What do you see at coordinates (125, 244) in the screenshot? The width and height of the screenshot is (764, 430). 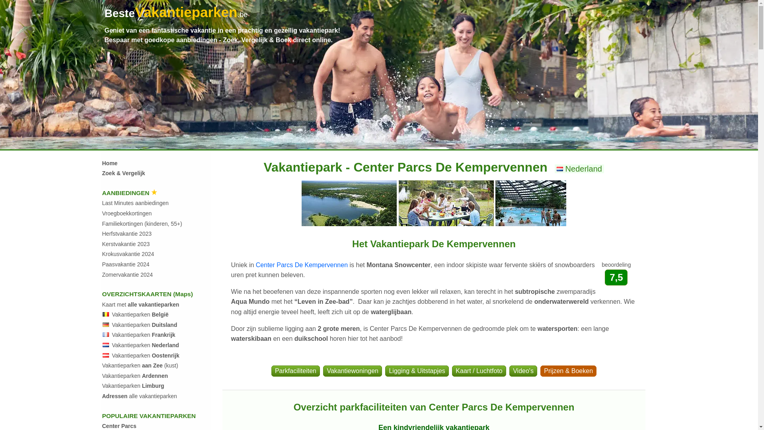 I see `'Kerstvakantie 2023'` at bounding box center [125, 244].